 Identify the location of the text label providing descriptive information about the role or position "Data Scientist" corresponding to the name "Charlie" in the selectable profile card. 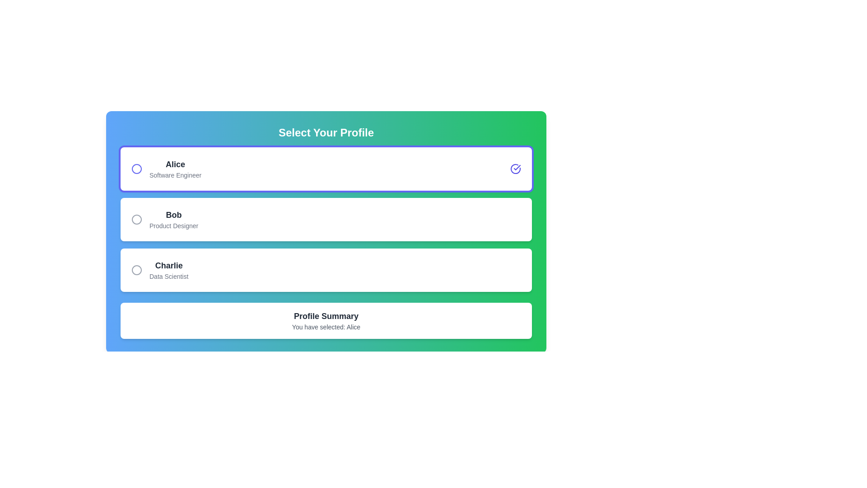
(169, 276).